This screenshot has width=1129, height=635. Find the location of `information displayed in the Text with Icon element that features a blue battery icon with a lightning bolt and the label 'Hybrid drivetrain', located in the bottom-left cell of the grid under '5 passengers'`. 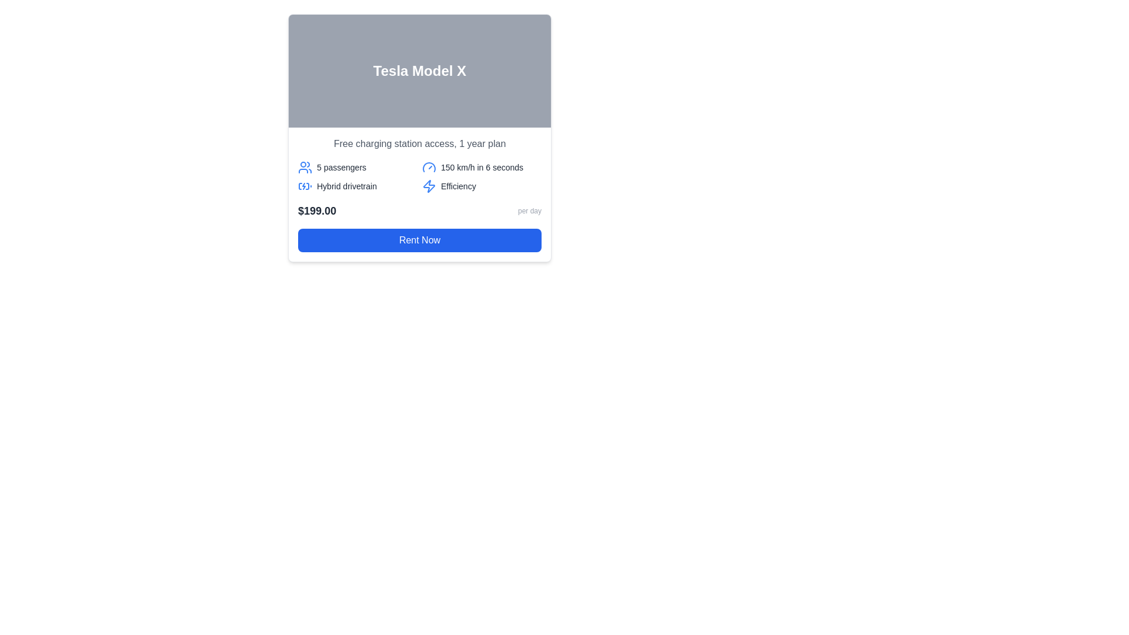

information displayed in the Text with Icon element that features a blue battery icon with a lightning bolt and the label 'Hybrid drivetrain', located in the bottom-left cell of the grid under '5 passengers' is located at coordinates (357, 185).